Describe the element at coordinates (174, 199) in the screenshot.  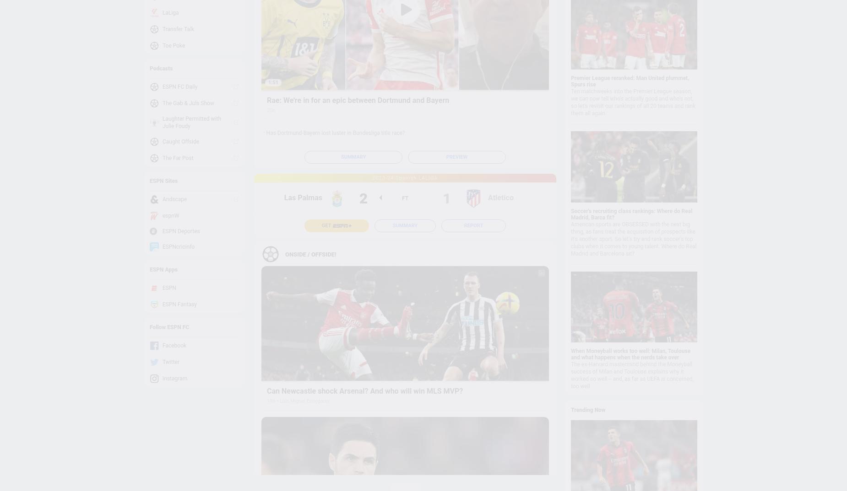
I see `'Andscape'` at that location.